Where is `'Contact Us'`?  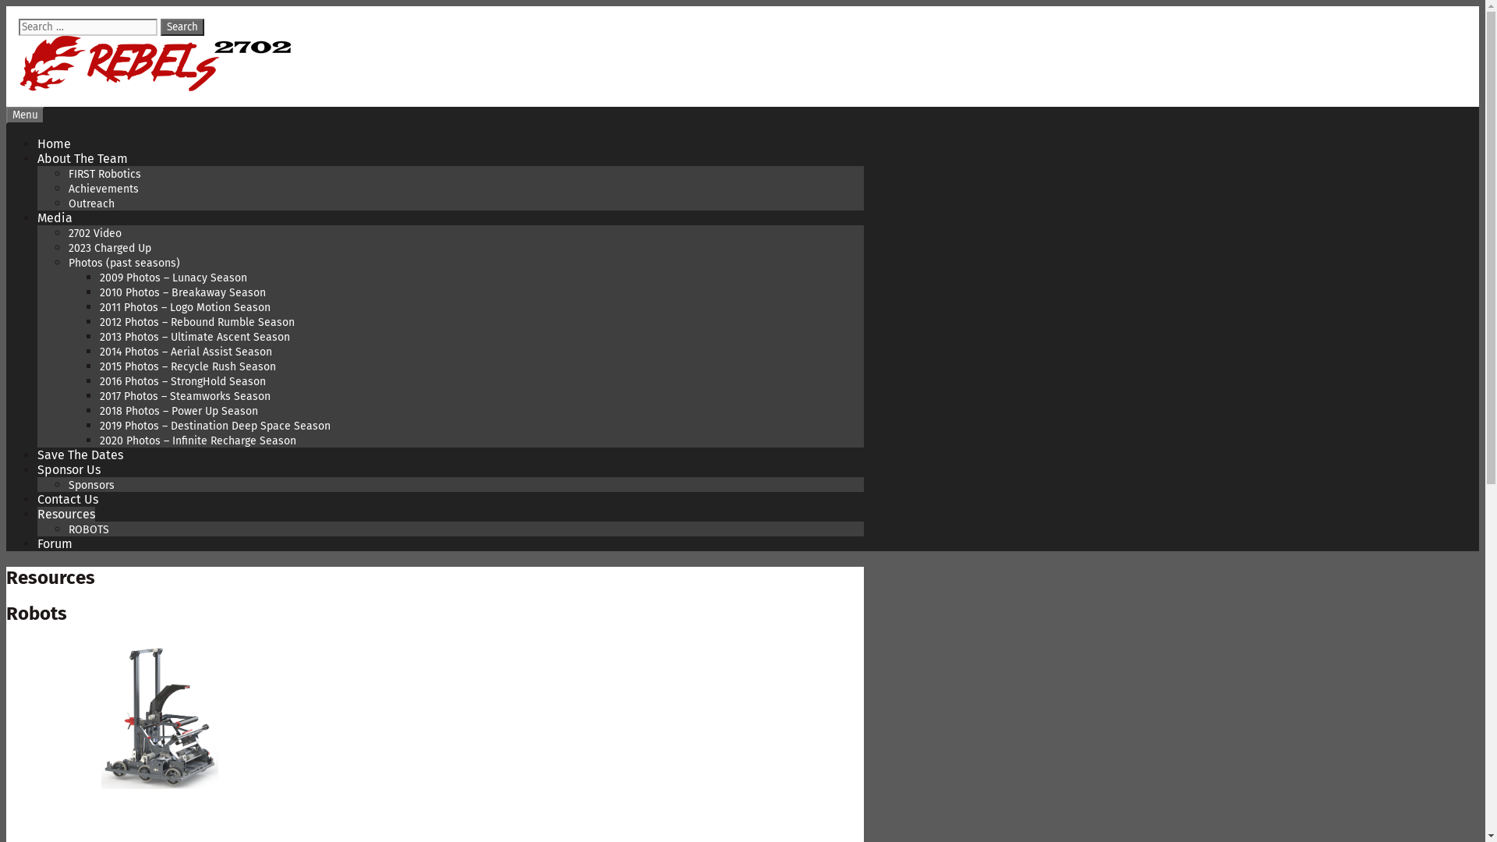
'Contact Us' is located at coordinates (66, 499).